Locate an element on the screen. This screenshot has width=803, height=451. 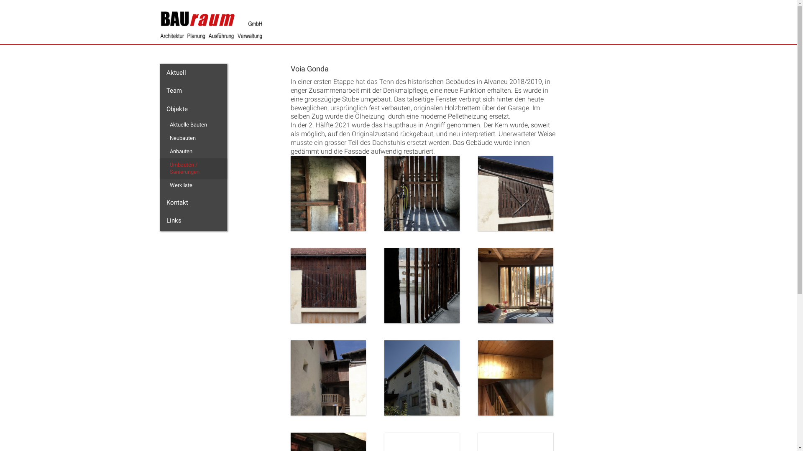
'Aktuelle Bauten' is located at coordinates (194, 125).